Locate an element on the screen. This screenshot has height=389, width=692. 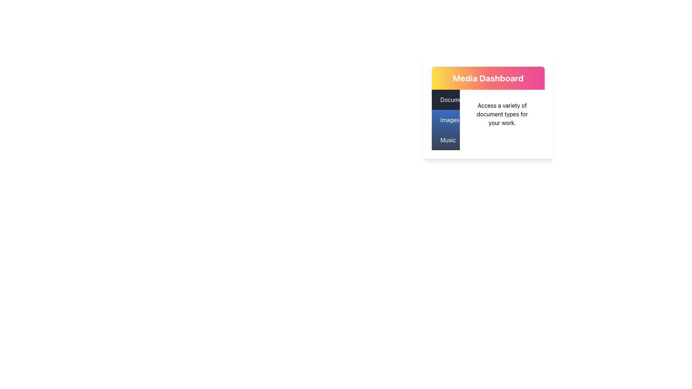
the 'Images' menu item, which is the second option in a vertical navigation bar styled with a white font on a gradient blue background, to trigger a visual hover state is located at coordinates (445, 119).